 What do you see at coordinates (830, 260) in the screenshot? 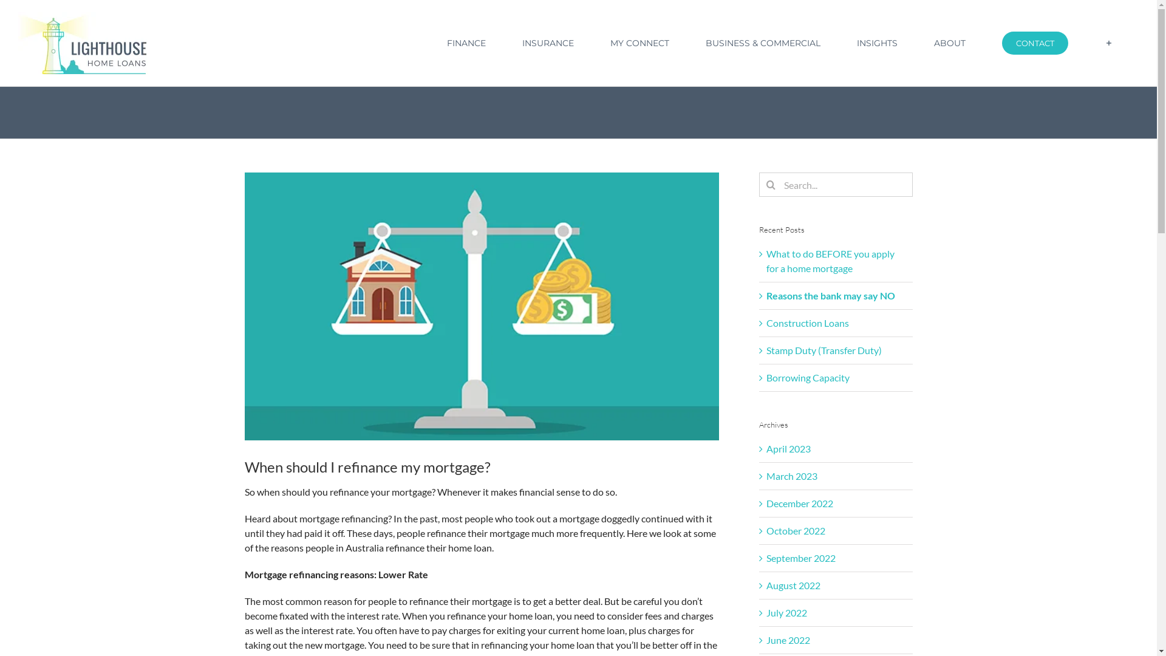
I see `'What to do BEFORE you apply for a home mortgage'` at bounding box center [830, 260].